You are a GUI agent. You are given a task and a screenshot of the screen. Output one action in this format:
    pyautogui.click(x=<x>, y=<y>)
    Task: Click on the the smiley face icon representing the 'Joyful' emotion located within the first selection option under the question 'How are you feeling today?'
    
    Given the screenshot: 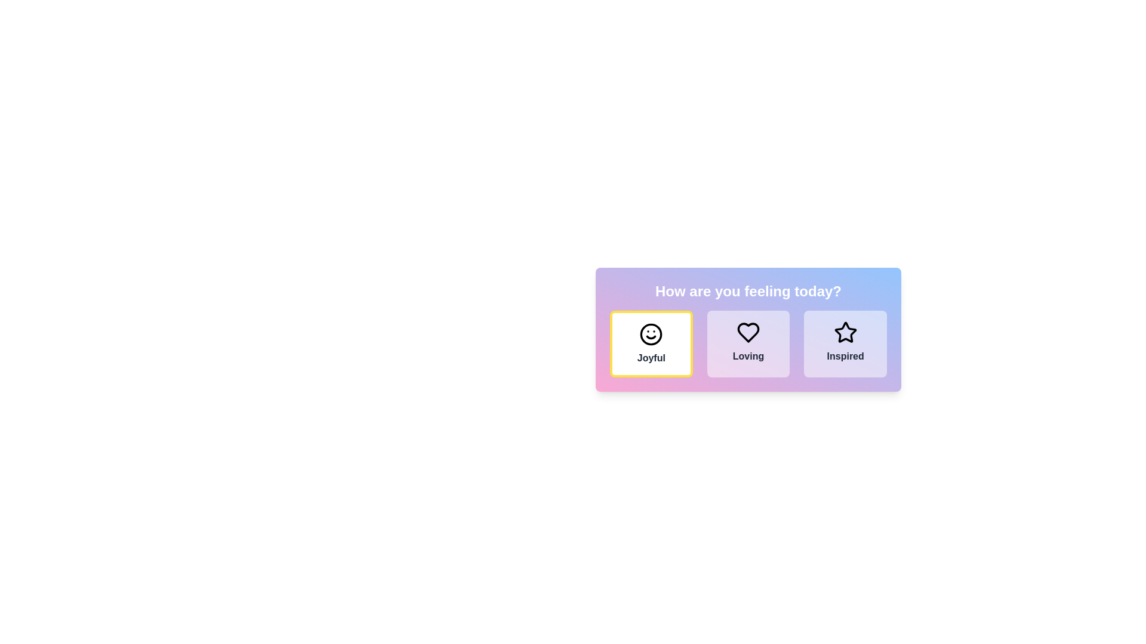 What is the action you would take?
    pyautogui.click(x=651, y=334)
    